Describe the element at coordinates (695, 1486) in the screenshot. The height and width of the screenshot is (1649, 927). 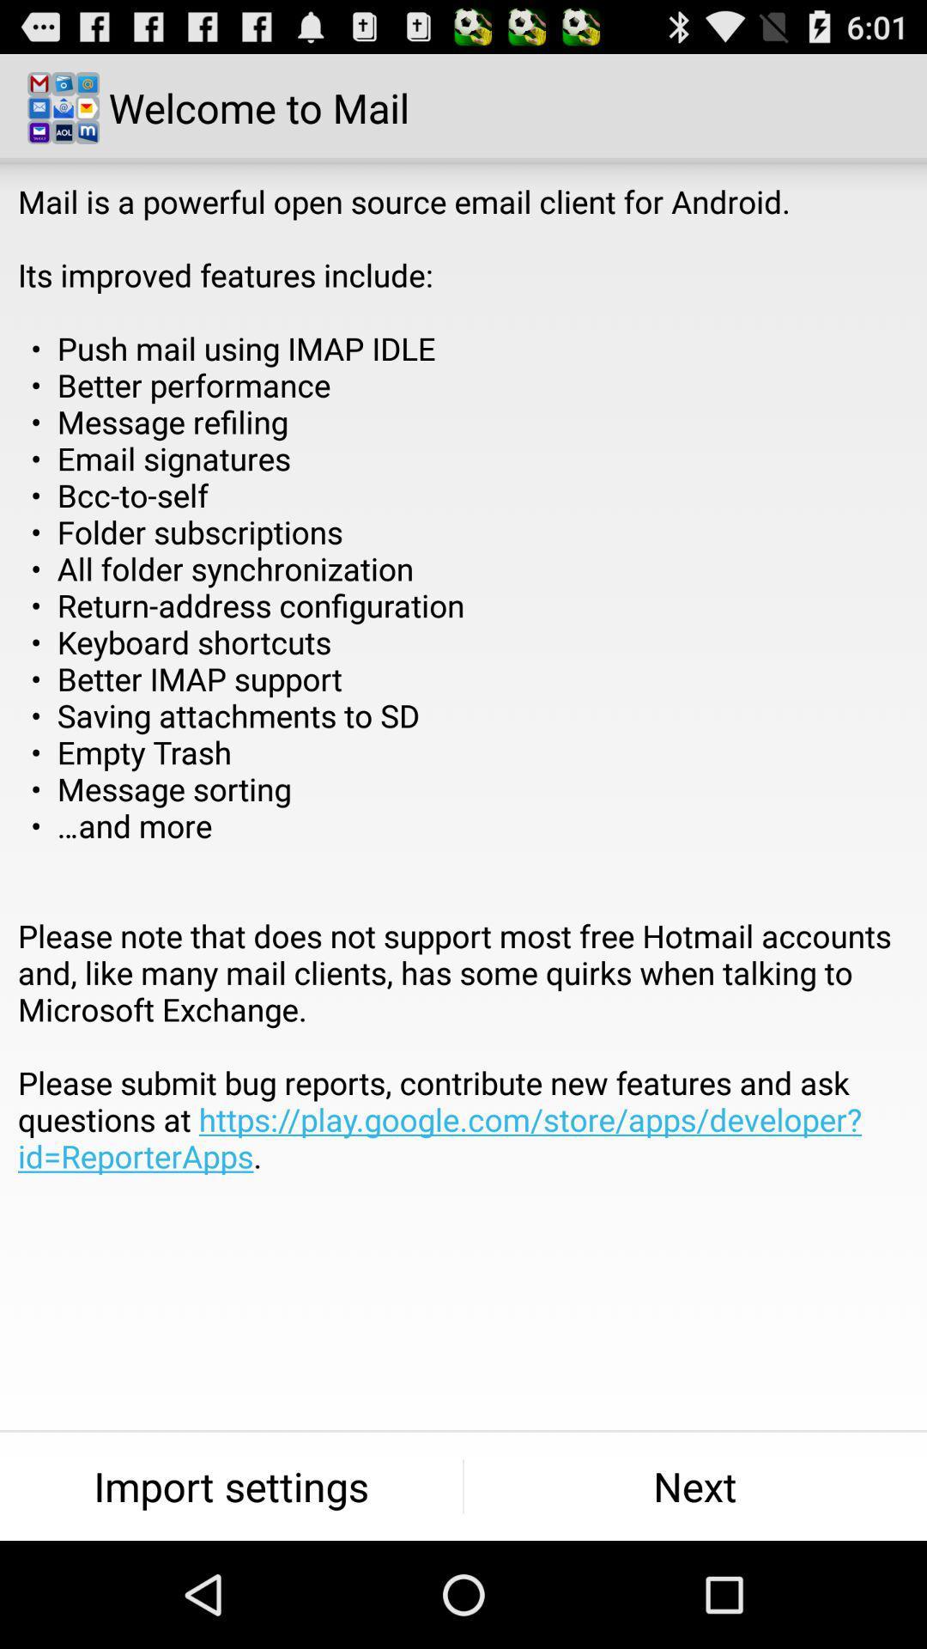
I see `icon at the bottom right corner` at that location.